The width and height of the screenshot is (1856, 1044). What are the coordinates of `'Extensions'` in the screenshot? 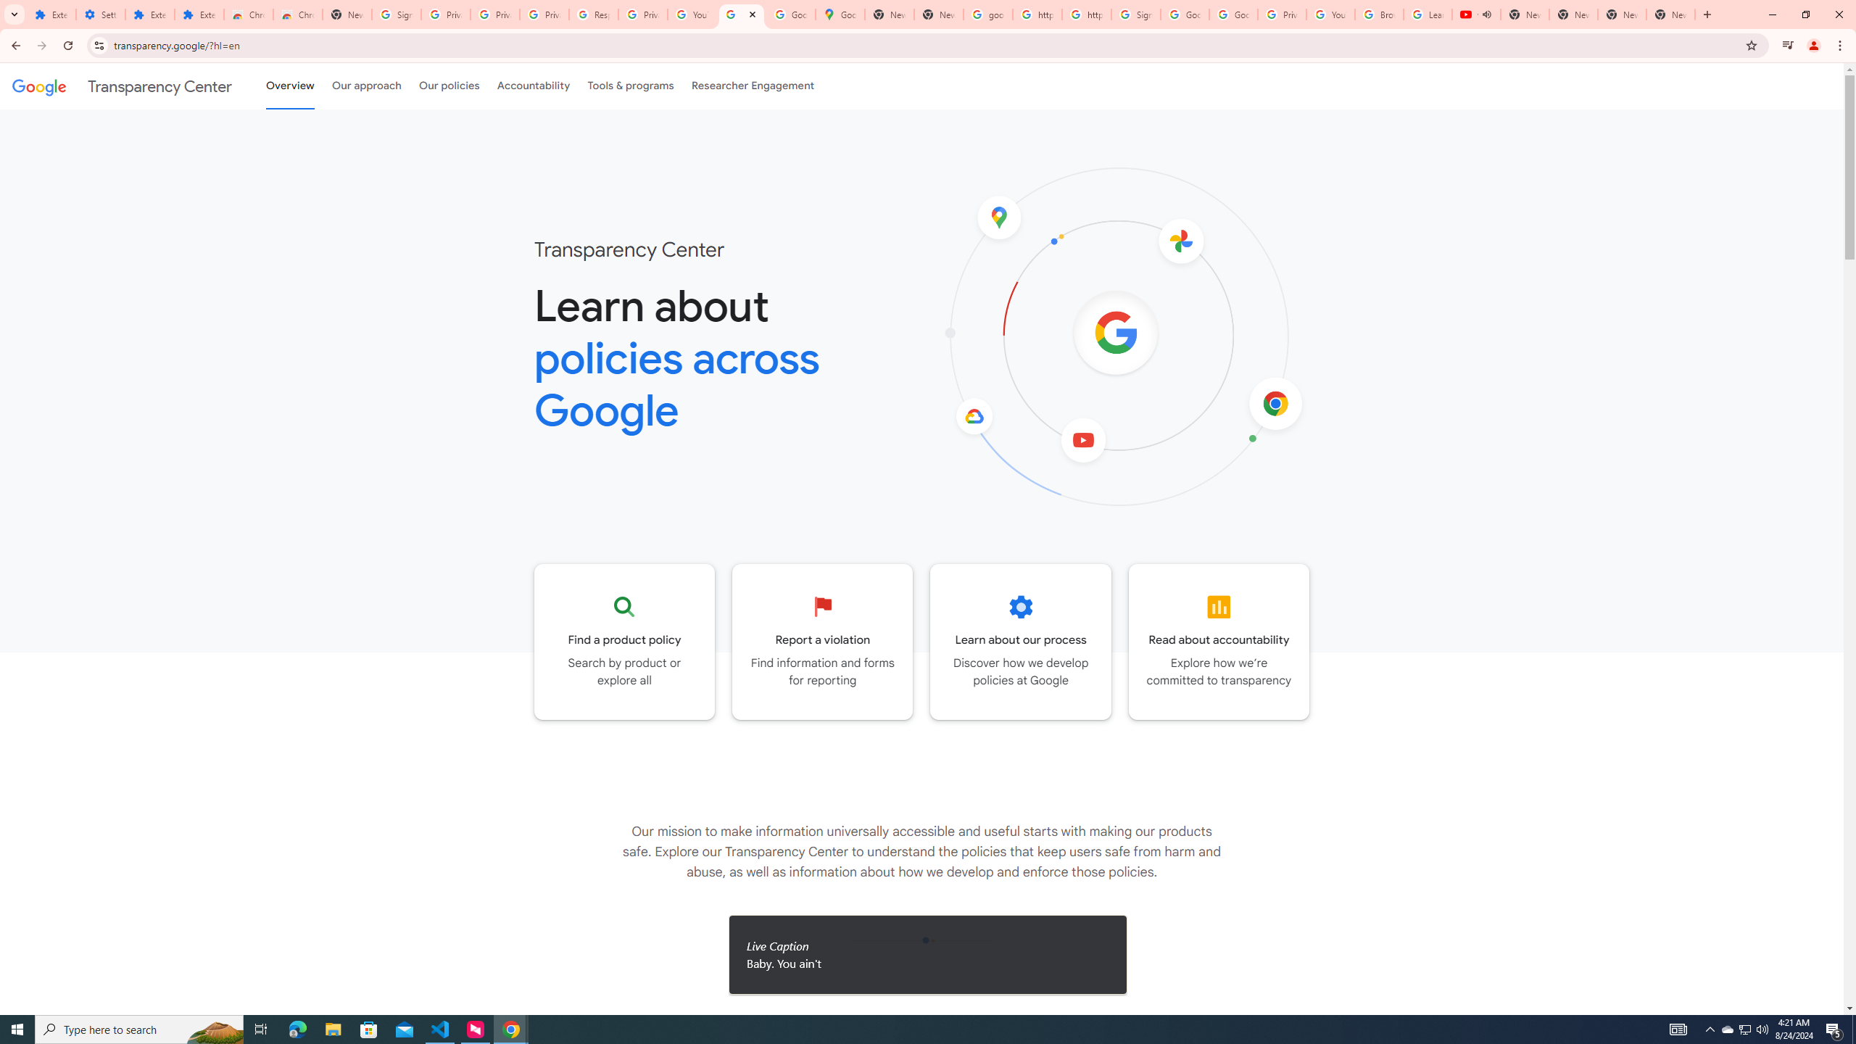 It's located at (199, 14).